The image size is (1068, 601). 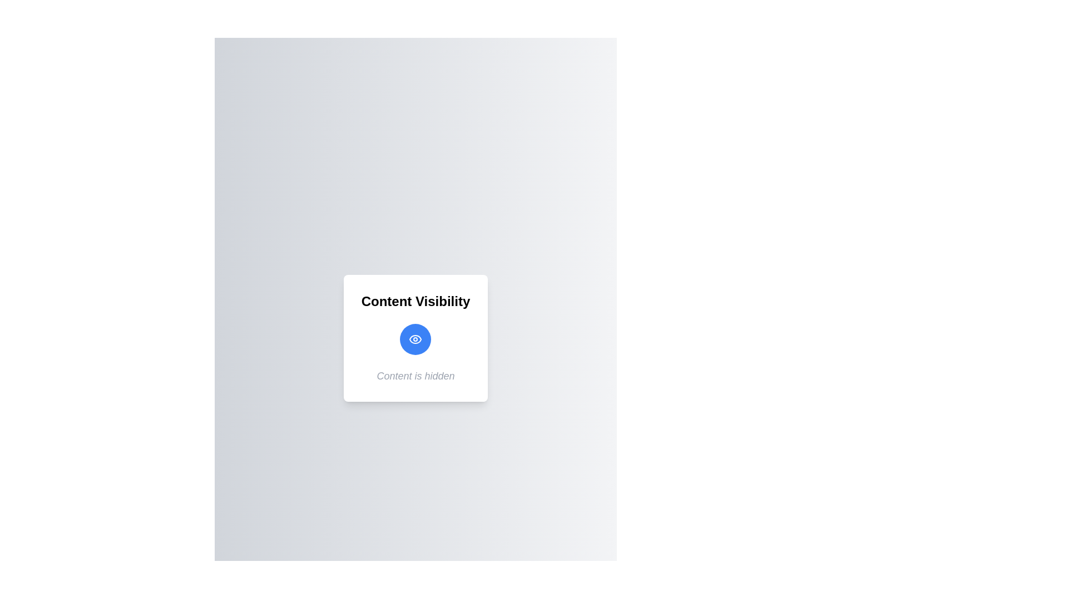 I want to click on the visibility toggle button to change the visibility state of the content, so click(x=415, y=338).